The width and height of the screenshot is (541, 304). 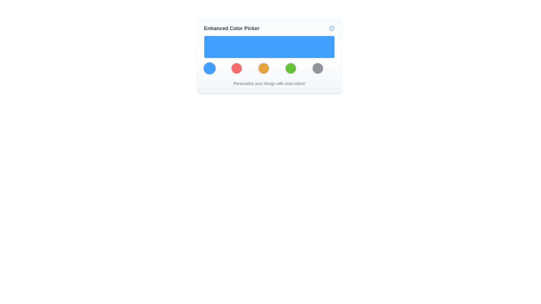 What do you see at coordinates (269, 46) in the screenshot?
I see `the vivid blue Display box with rounded corners located centrally above the grid of circular color swatches` at bounding box center [269, 46].